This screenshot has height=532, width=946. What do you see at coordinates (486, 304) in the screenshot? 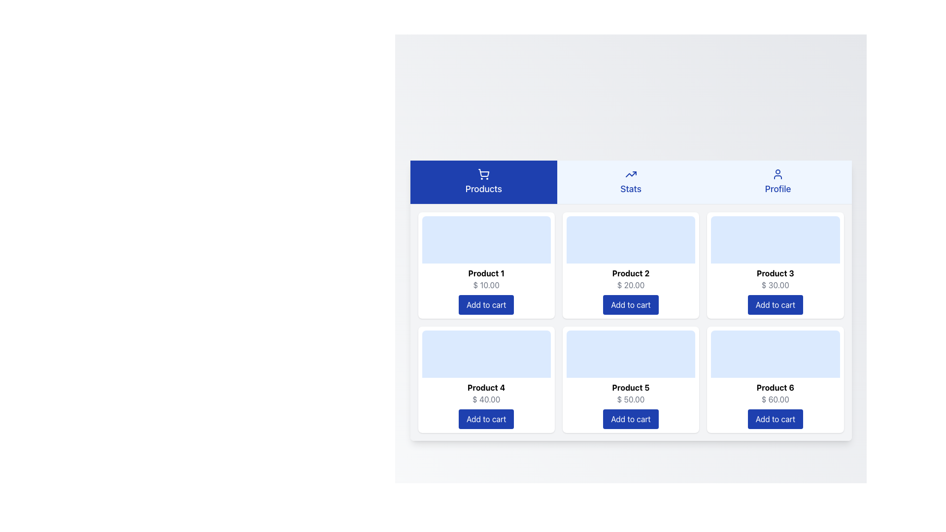
I see `the 'Add to cart' button, which is a rectangular button with rounded corners, dark blue background, and white text, located below the price label '$ 10.00' in the product card for 'Product 1'` at bounding box center [486, 304].